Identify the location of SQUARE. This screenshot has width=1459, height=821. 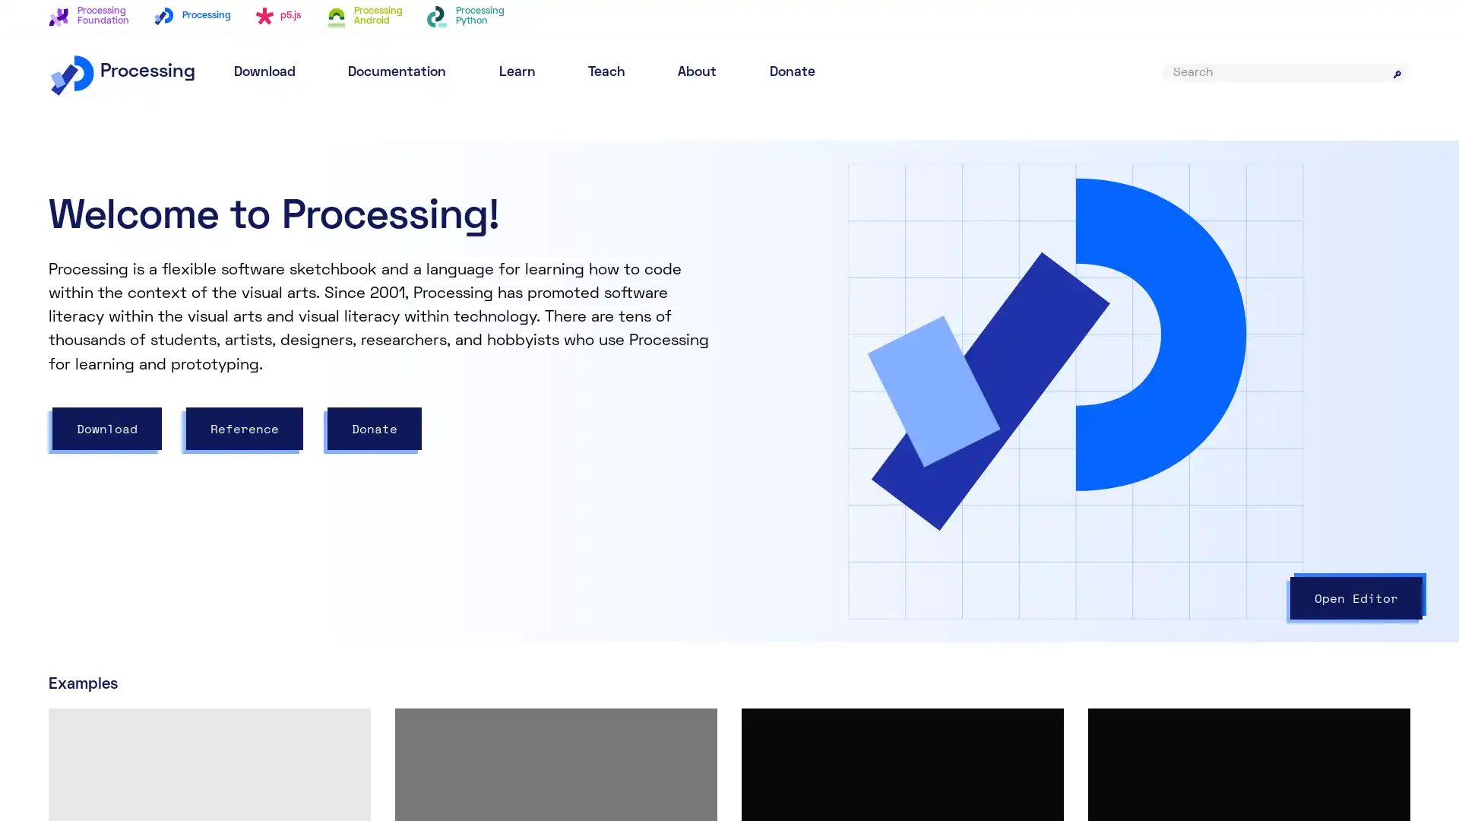
(862, 347).